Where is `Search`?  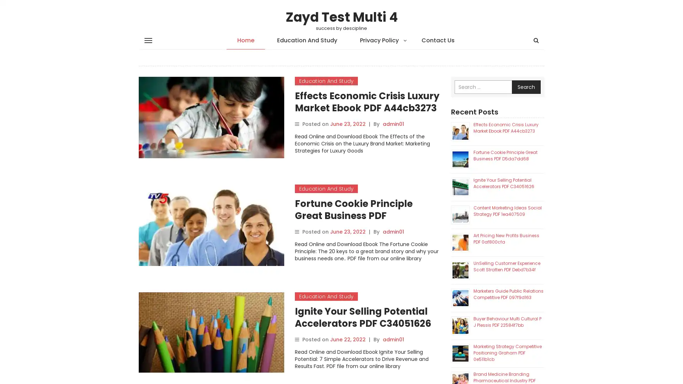
Search is located at coordinates (526, 87).